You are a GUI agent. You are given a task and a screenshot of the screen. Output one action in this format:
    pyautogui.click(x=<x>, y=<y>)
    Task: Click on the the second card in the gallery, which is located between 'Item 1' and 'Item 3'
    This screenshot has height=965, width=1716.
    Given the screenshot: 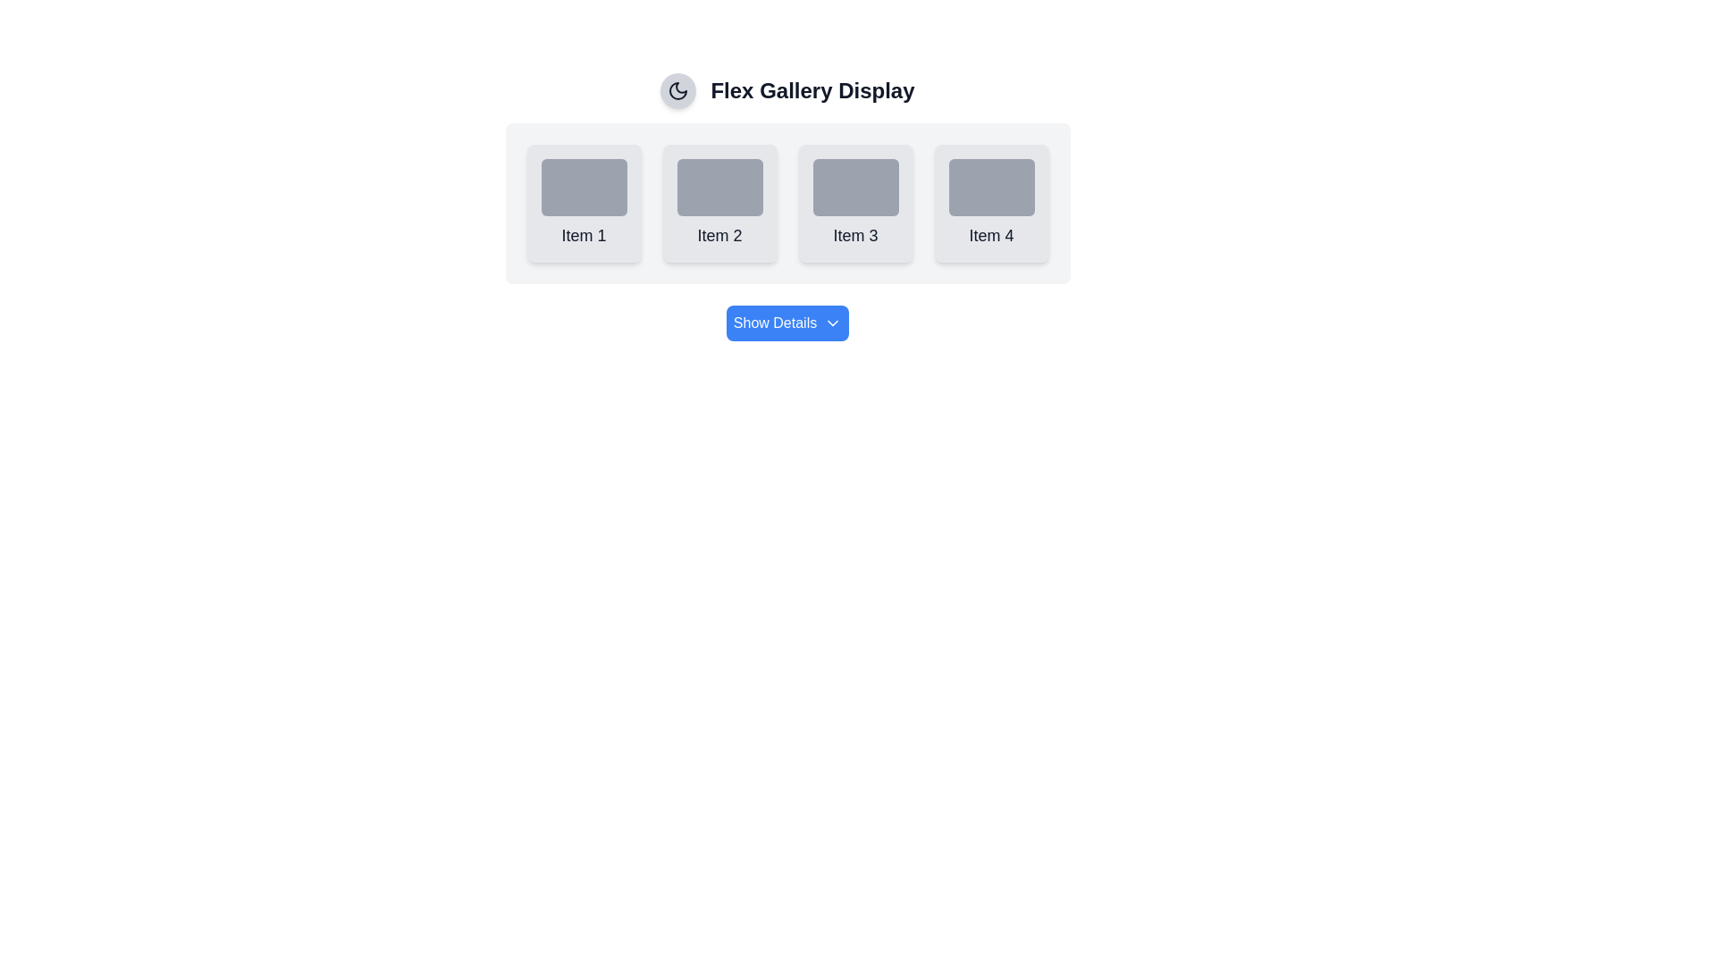 What is the action you would take?
    pyautogui.click(x=719, y=202)
    